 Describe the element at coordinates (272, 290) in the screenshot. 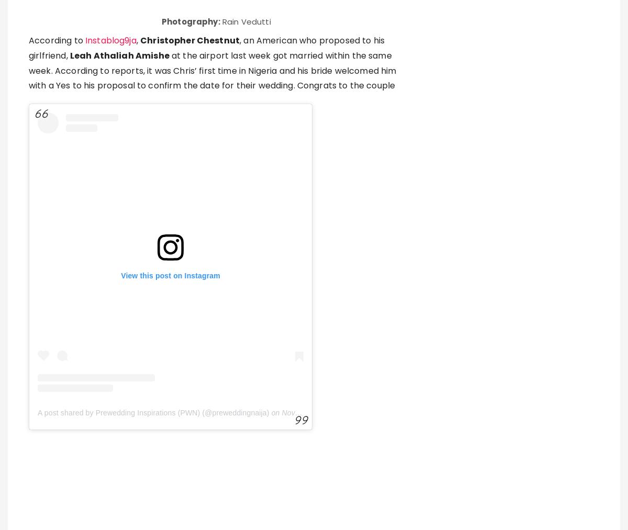

I see `'and his girlfriend,'` at that location.